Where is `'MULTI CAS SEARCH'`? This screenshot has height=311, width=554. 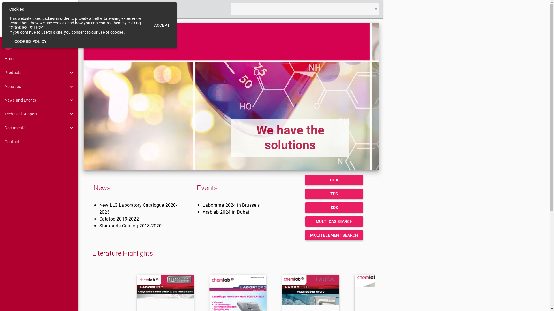 'MULTI CAS SEARCH' is located at coordinates (305, 221).